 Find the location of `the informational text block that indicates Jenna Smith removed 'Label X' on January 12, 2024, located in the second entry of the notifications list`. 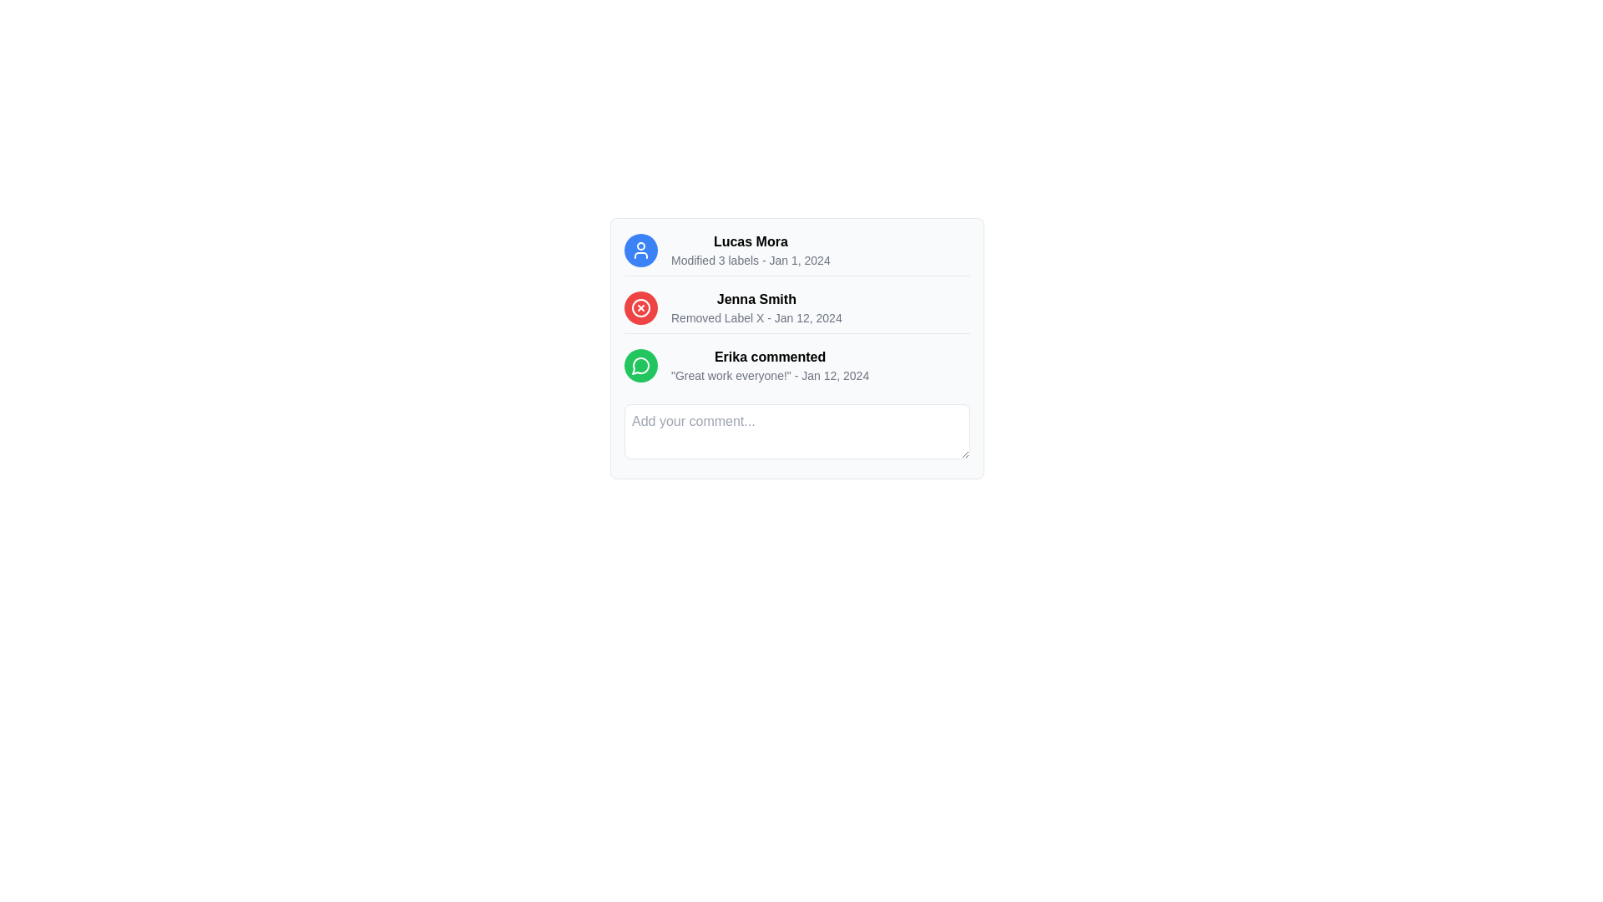

the informational text block that indicates Jenna Smith removed 'Label X' on January 12, 2024, located in the second entry of the notifications list is located at coordinates (796, 312).